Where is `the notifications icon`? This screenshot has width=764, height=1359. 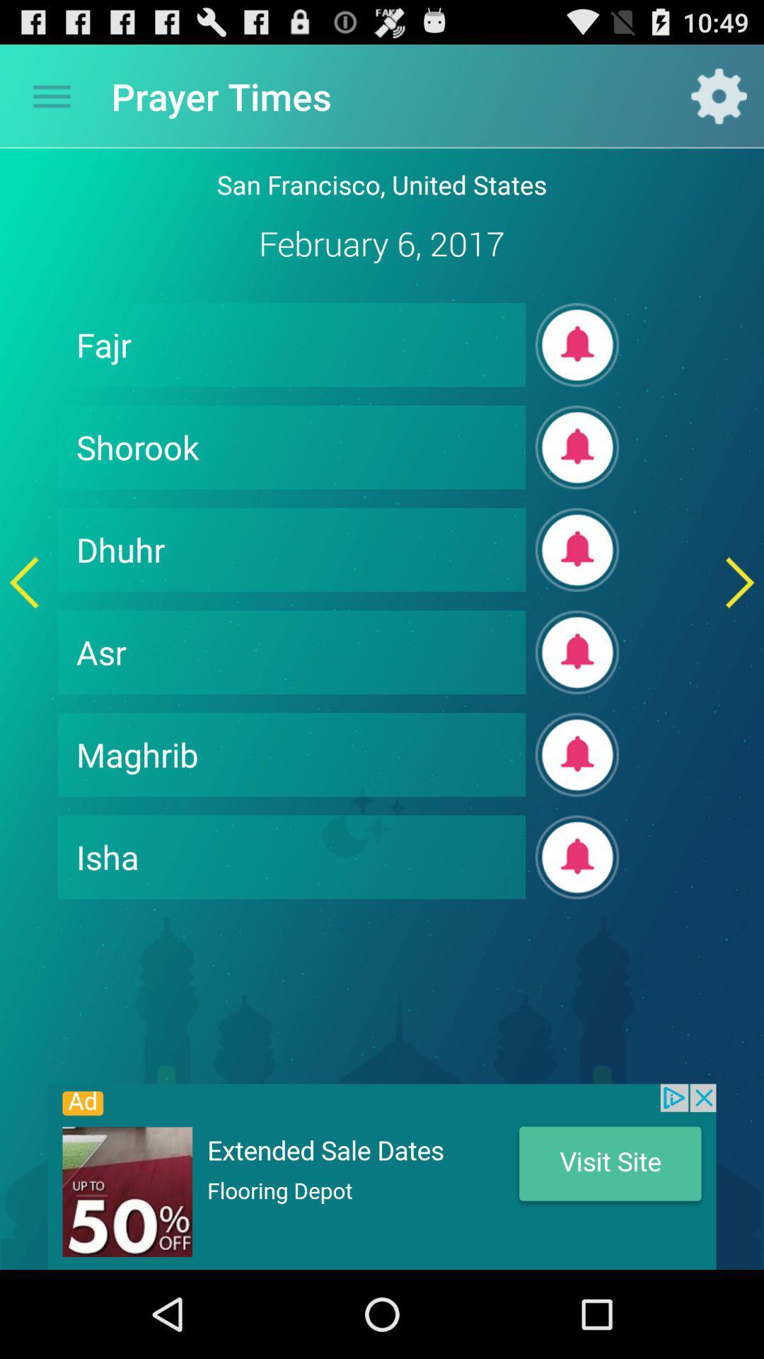 the notifications icon is located at coordinates (577, 478).